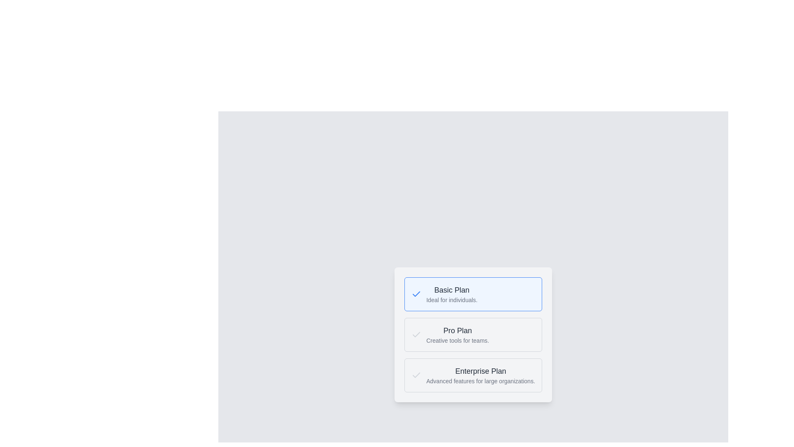  Describe the element at coordinates (481, 371) in the screenshot. I see `the text label displaying 'Enterprise Plan' in bold styling located at the center of the third option card` at that location.